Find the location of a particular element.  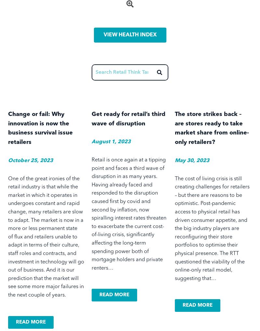

'market will see some more major failures in the next couple of years.' is located at coordinates (46, 286).